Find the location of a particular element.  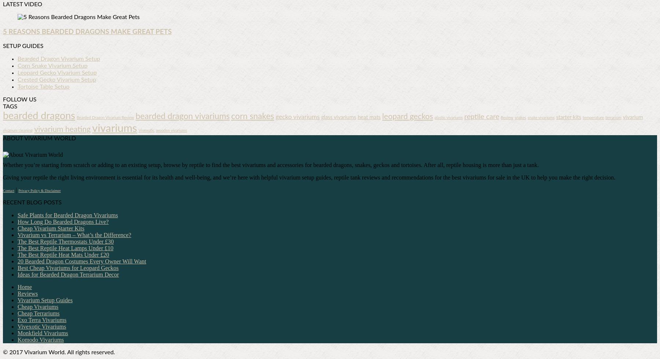

'vivarium heating' is located at coordinates (62, 129).